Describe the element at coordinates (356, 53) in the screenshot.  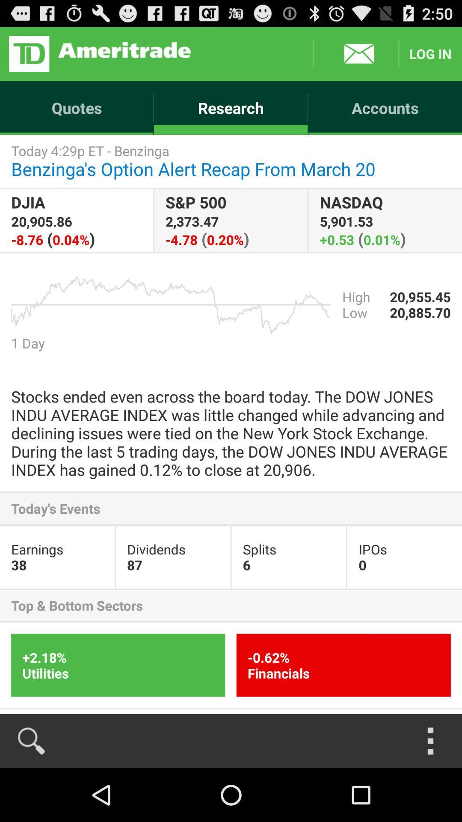
I see `open messages` at that location.